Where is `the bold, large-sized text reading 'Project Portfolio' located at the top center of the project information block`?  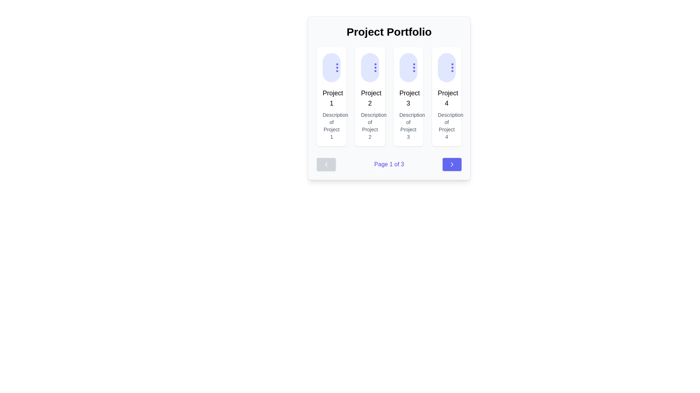 the bold, large-sized text reading 'Project Portfolio' located at the top center of the project information block is located at coordinates (389, 32).